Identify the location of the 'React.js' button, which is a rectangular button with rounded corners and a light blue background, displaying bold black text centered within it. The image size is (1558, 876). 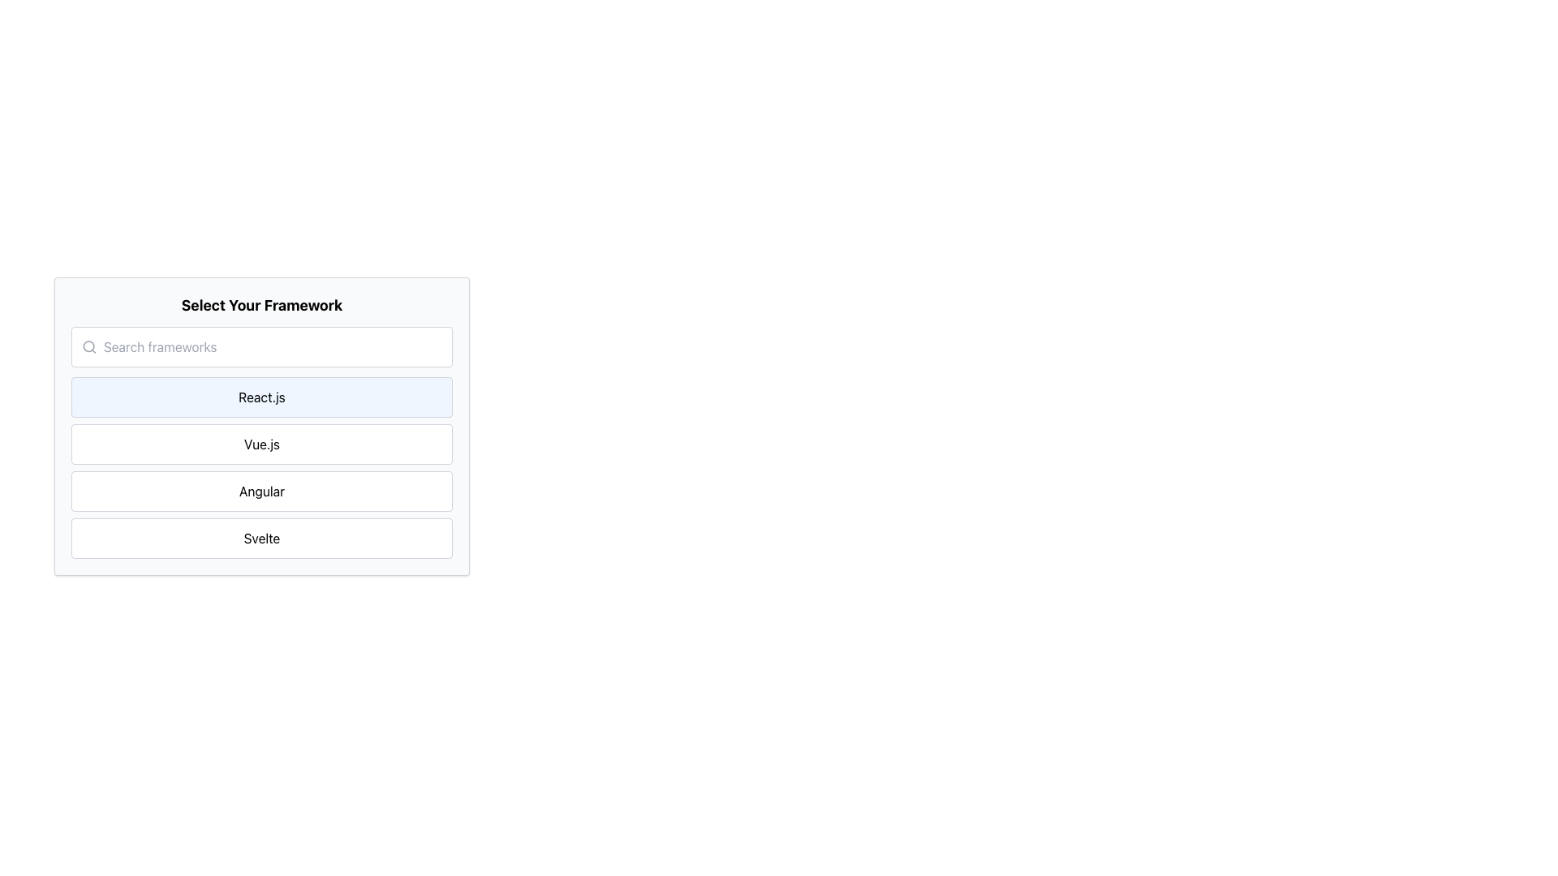
(261, 397).